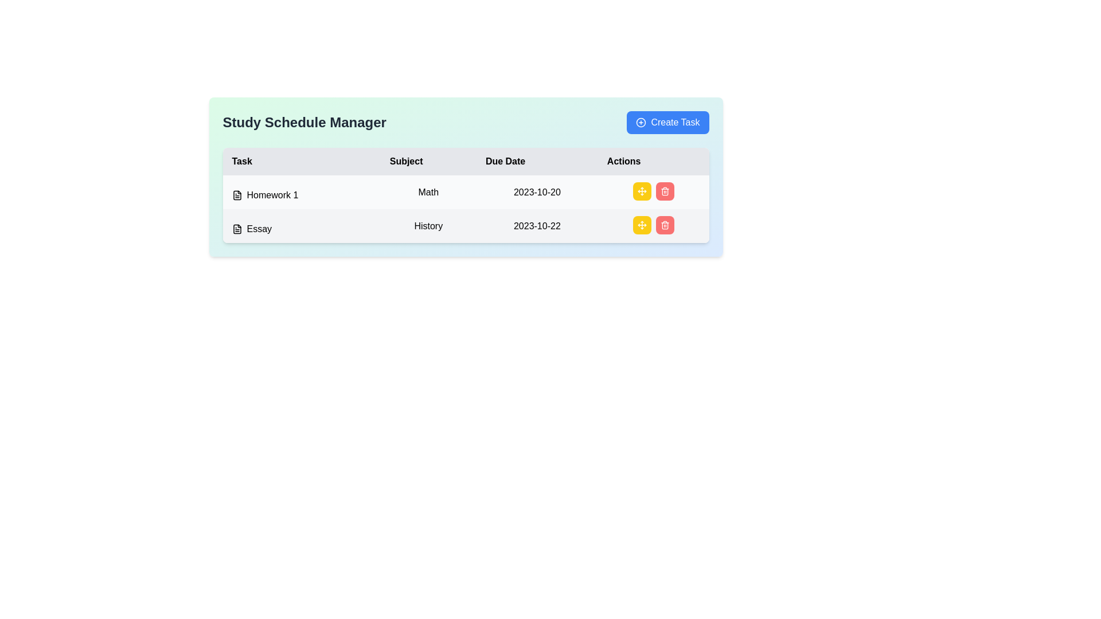 This screenshot has width=1101, height=619. I want to click on the second row in the Study Schedule Manager table, which contains 'Essay', 'History', and '2023-10-22', so click(466, 226).